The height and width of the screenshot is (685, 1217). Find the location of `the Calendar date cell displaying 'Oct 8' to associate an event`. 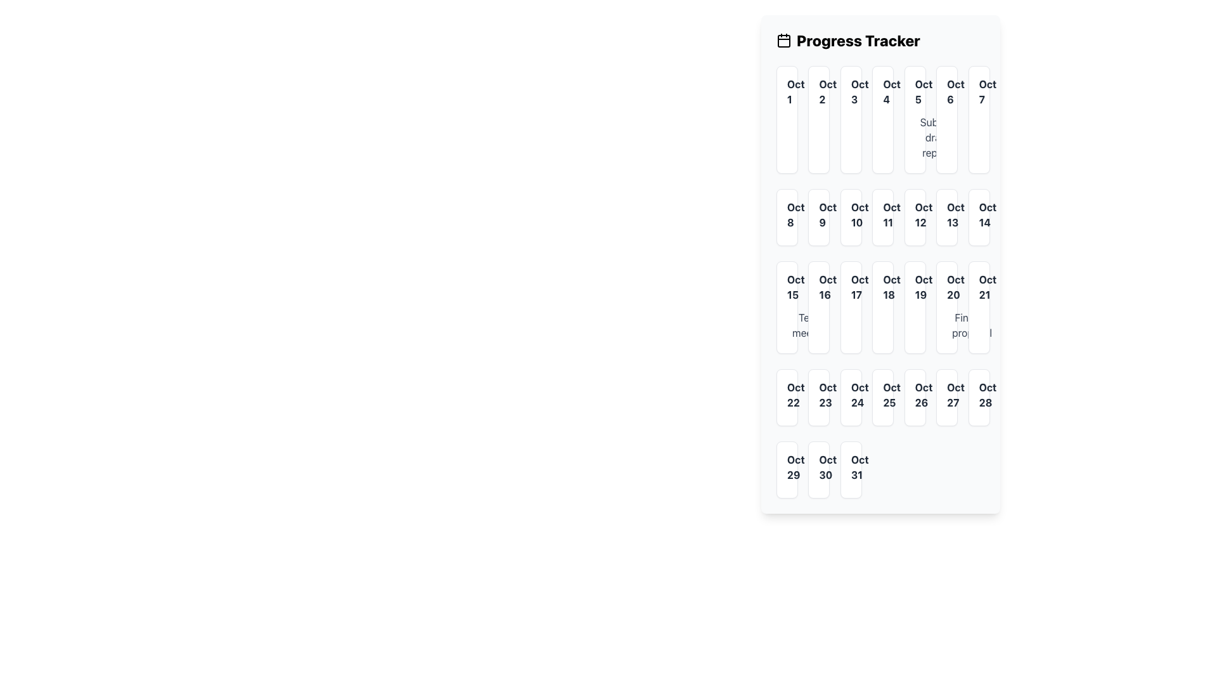

the Calendar date cell displaying 'Oct 8' to associate an event is located at coordinates (787, 217).